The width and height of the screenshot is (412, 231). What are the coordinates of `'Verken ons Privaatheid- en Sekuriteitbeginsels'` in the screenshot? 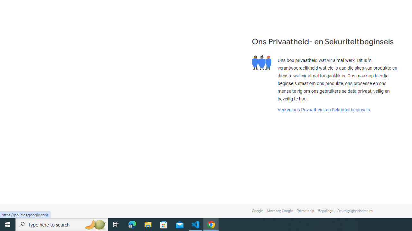 It's located at (323, 109).